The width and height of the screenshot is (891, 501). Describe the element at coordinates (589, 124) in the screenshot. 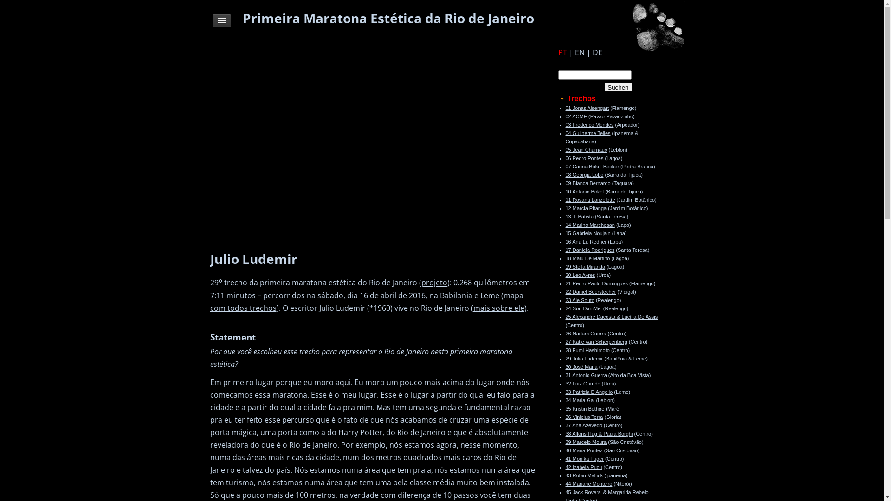

I see `'03 Frederico Mendes'` at that location.